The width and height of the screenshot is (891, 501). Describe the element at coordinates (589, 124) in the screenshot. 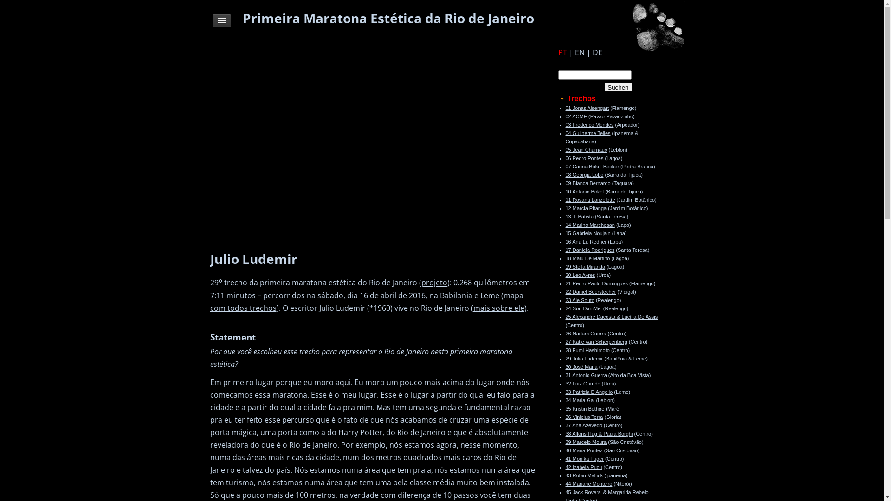

I see `'03 Frederico Mendes'` at that location.